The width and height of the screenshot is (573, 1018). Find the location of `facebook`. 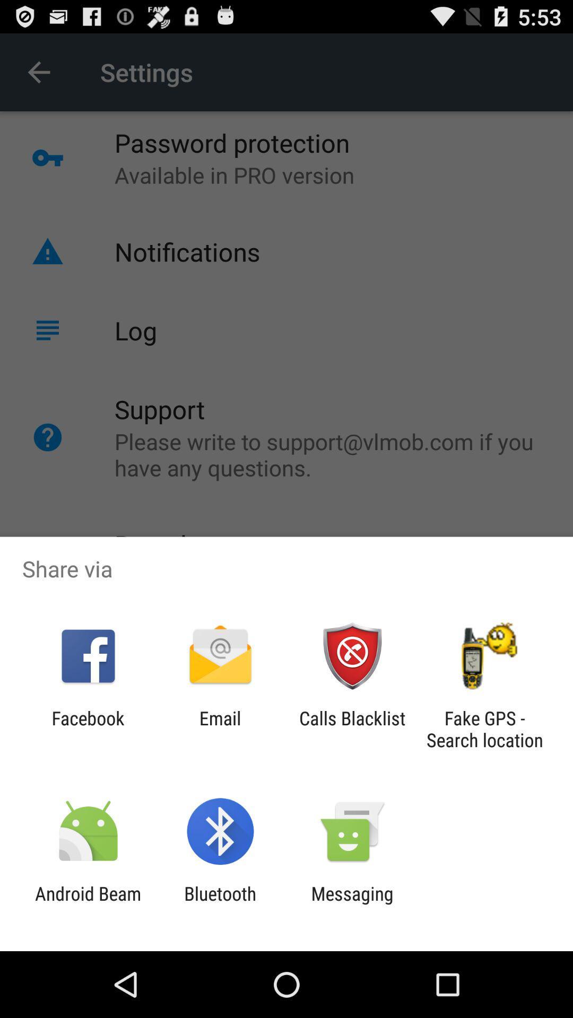

facebook is located at coordinates (88, 729).